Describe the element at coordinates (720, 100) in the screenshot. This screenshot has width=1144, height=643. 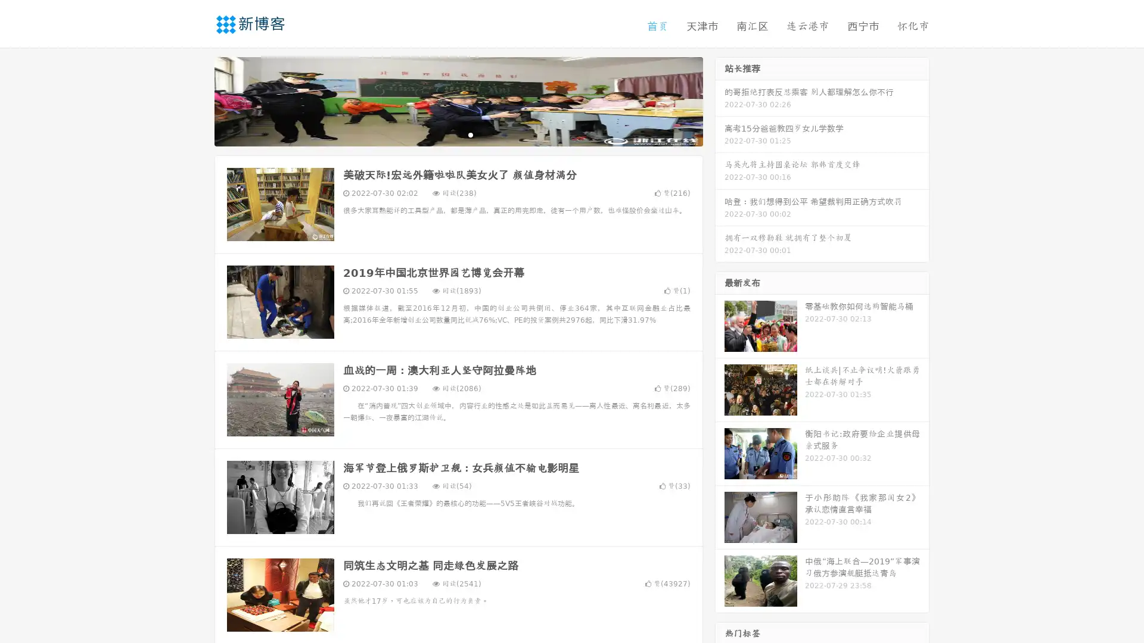
I see `Next slide` at that location.